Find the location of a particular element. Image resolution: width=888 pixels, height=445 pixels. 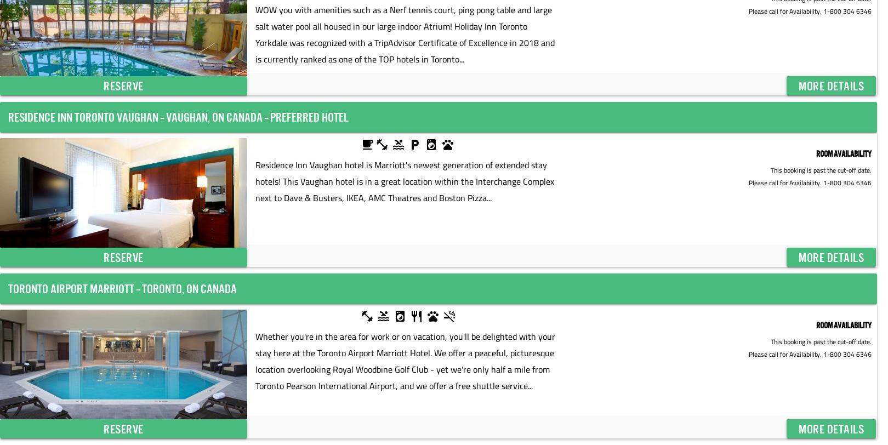

'Toronto Airport Marriott --
        Toronto, ON        Canada' is located at coordinates (122, 288).